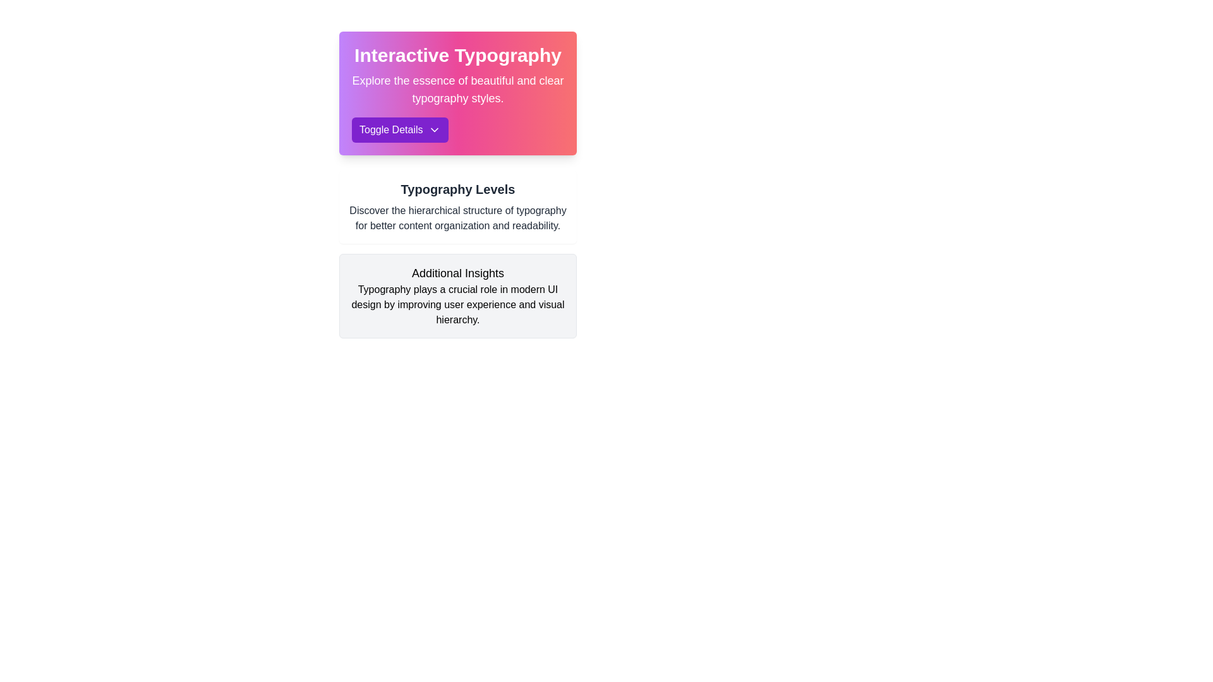  Describe the element at coordinates (390, 129) in the screenshot. I see `the 'Toggle Details' text label within the button that has rounded edges and is located below the heading 'Interactive Typography'` at that location.